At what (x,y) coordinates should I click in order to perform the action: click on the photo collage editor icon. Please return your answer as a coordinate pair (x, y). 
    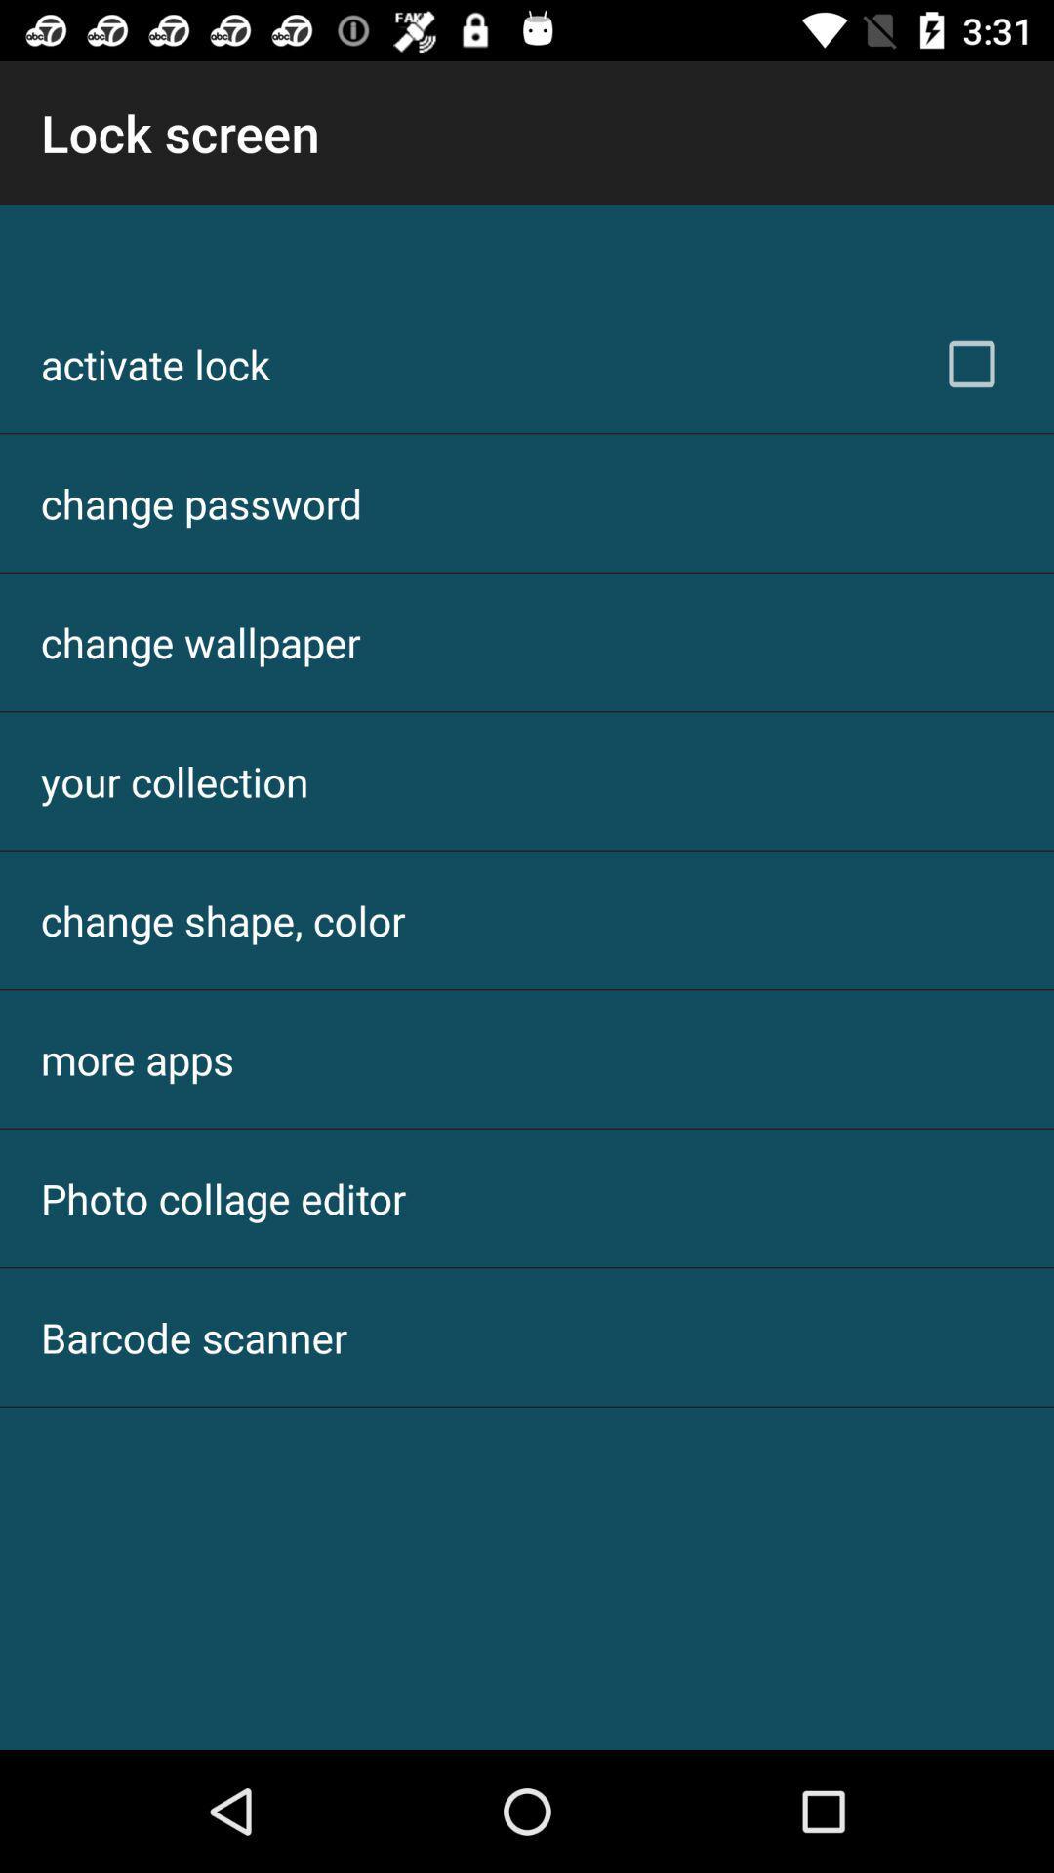
    Looking at the image, I should click on (223, 1197).